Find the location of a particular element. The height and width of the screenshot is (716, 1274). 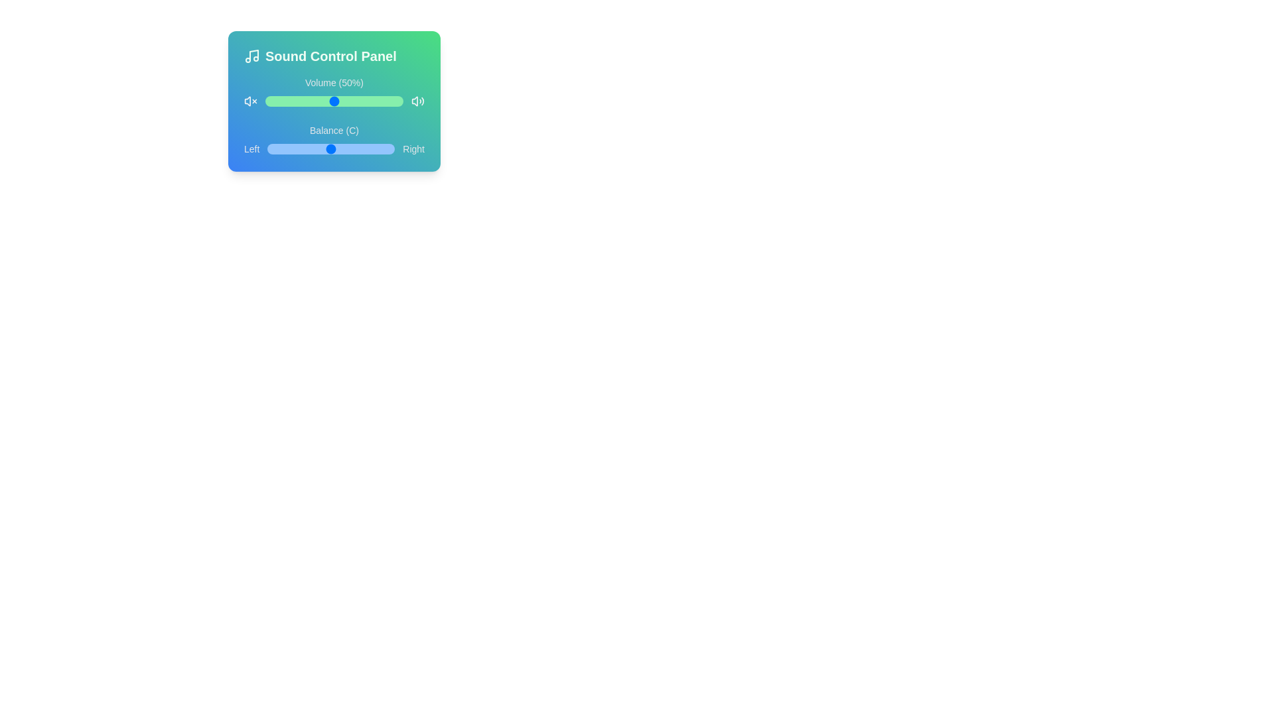

the volume slider is located at coordinates (279, 101).